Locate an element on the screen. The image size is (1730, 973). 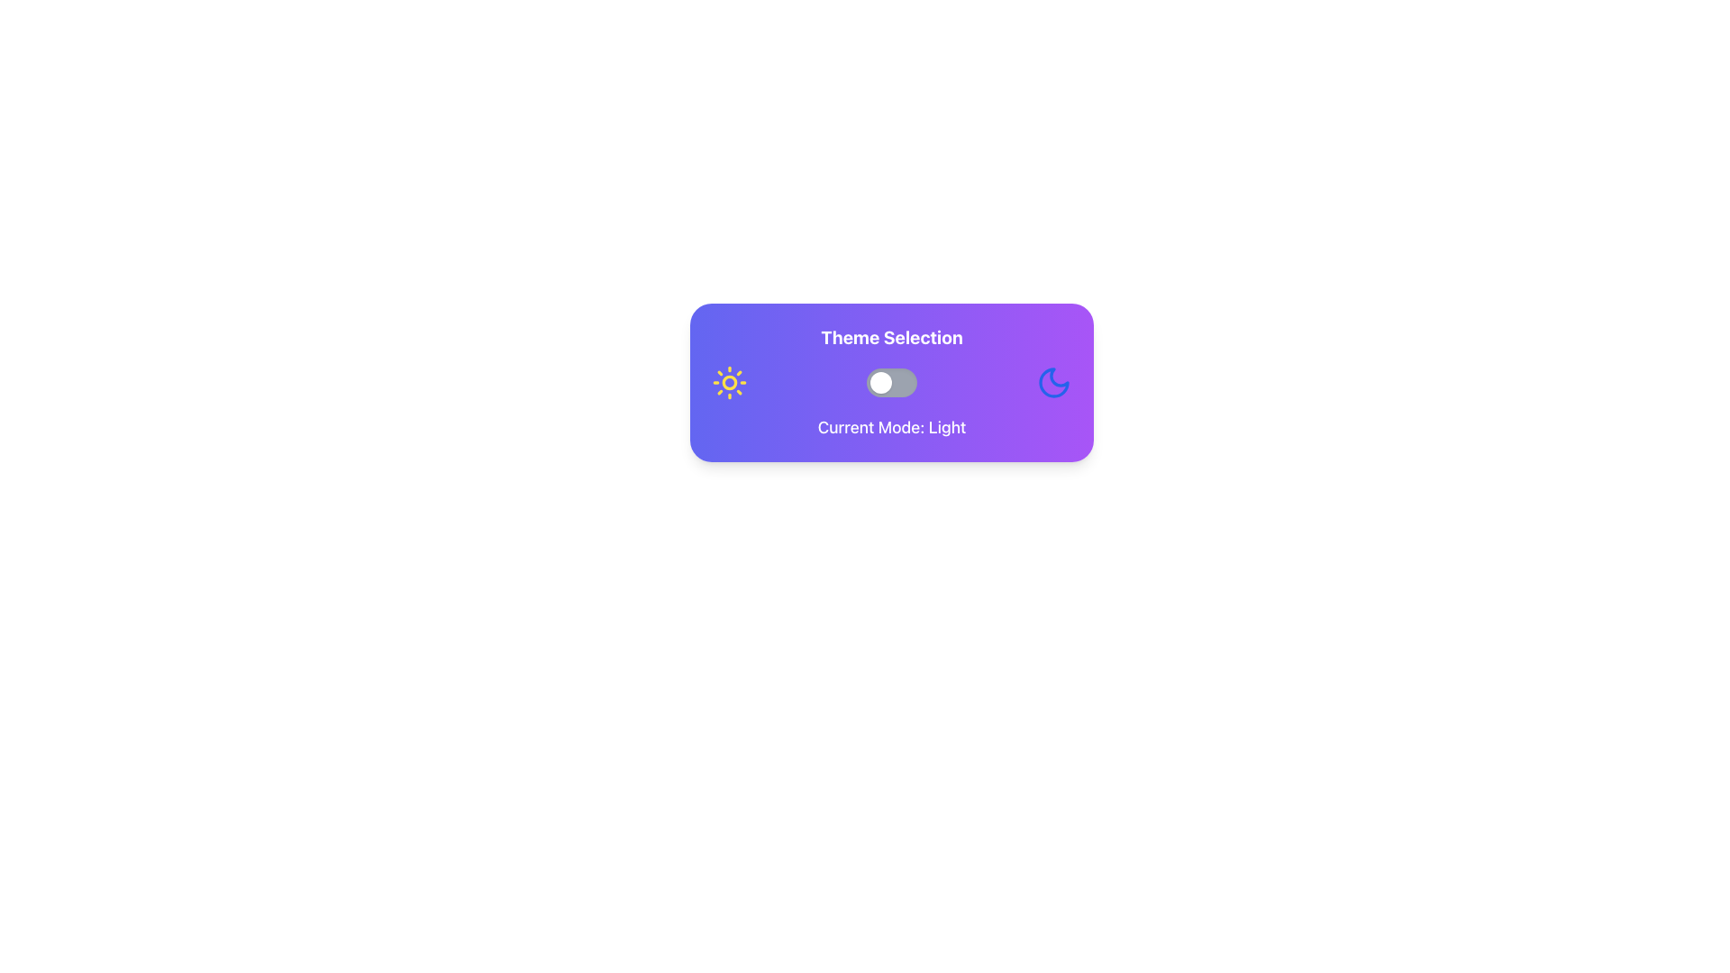
the inner circle of the toggle switch located between the sun icon and moon icon is located at coordinates (891, 381).